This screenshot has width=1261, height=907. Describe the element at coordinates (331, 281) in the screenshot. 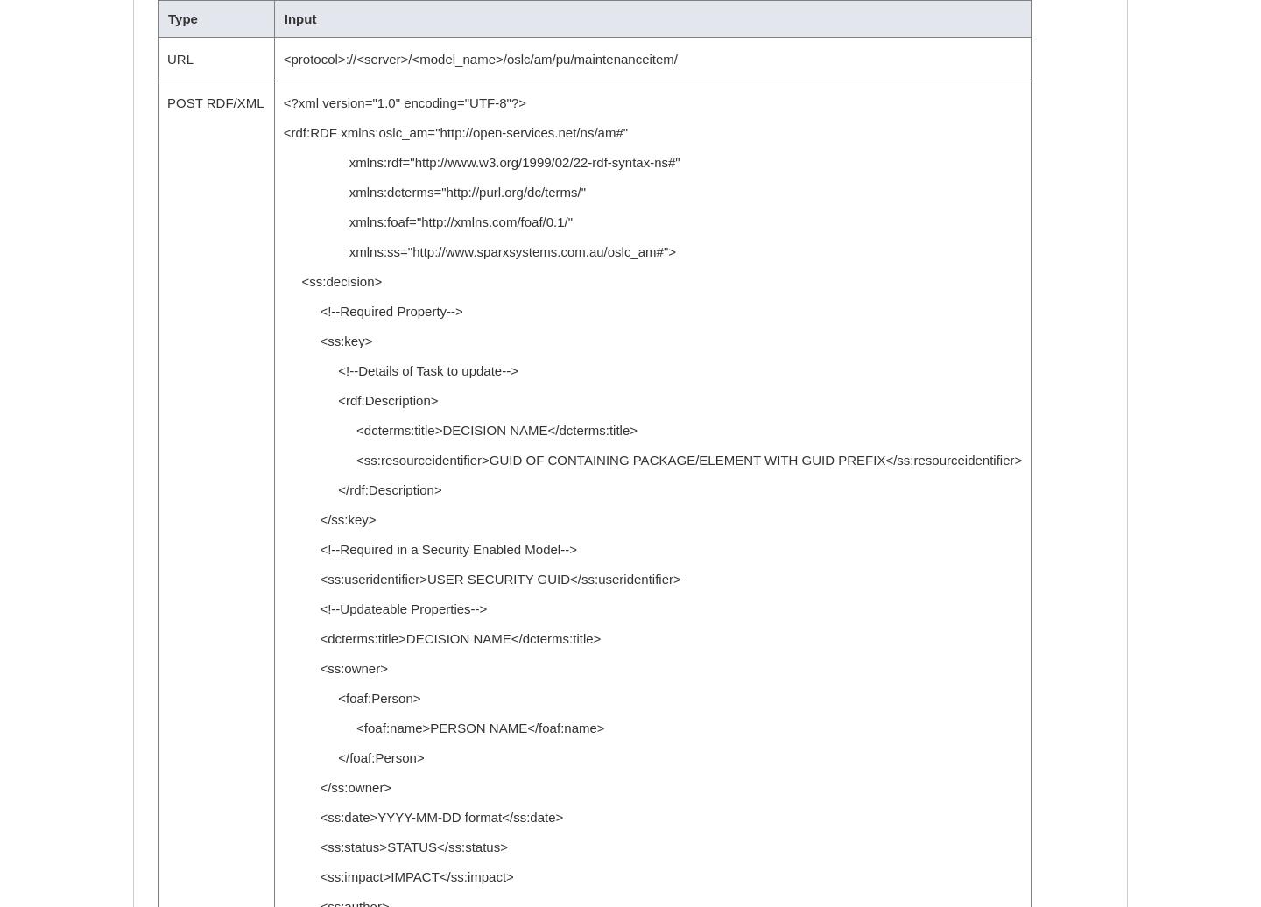

I see `'<ss:decision>'` at that location.